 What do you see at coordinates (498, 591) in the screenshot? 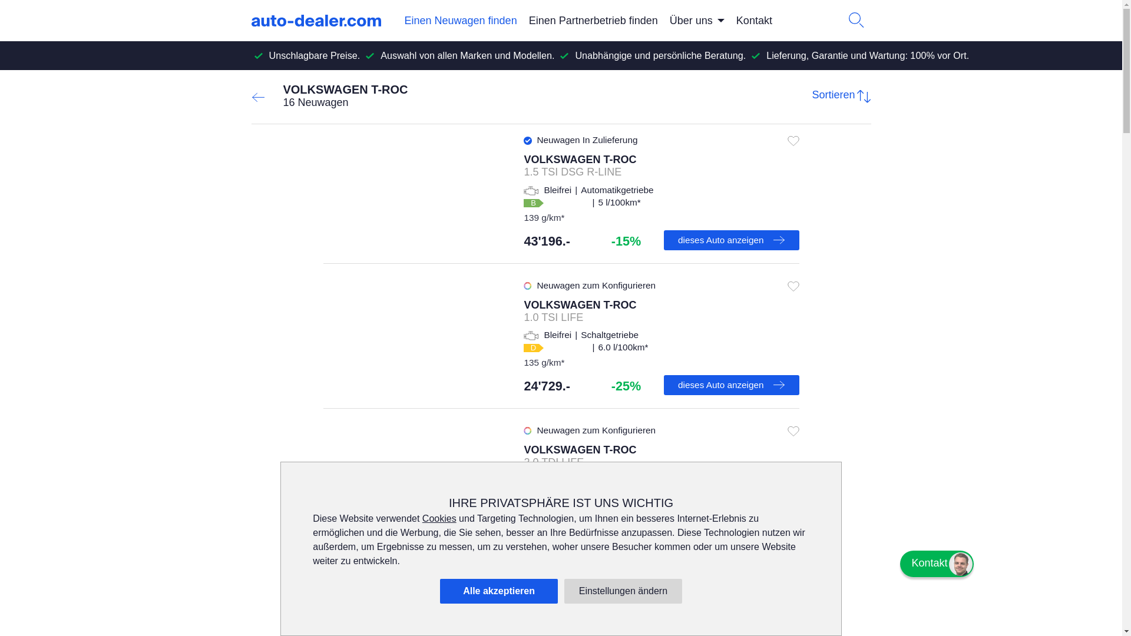
I see `'Alle akzeptieren'` at bounding box center [498, 591].